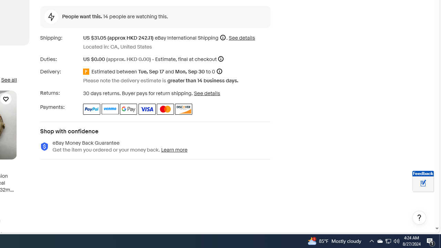 Image resolution: width=441 pixels, height=248 pixels. Describe the element at coordinates (146, 108) in the screenshot. I see `'Visa'` at that location.